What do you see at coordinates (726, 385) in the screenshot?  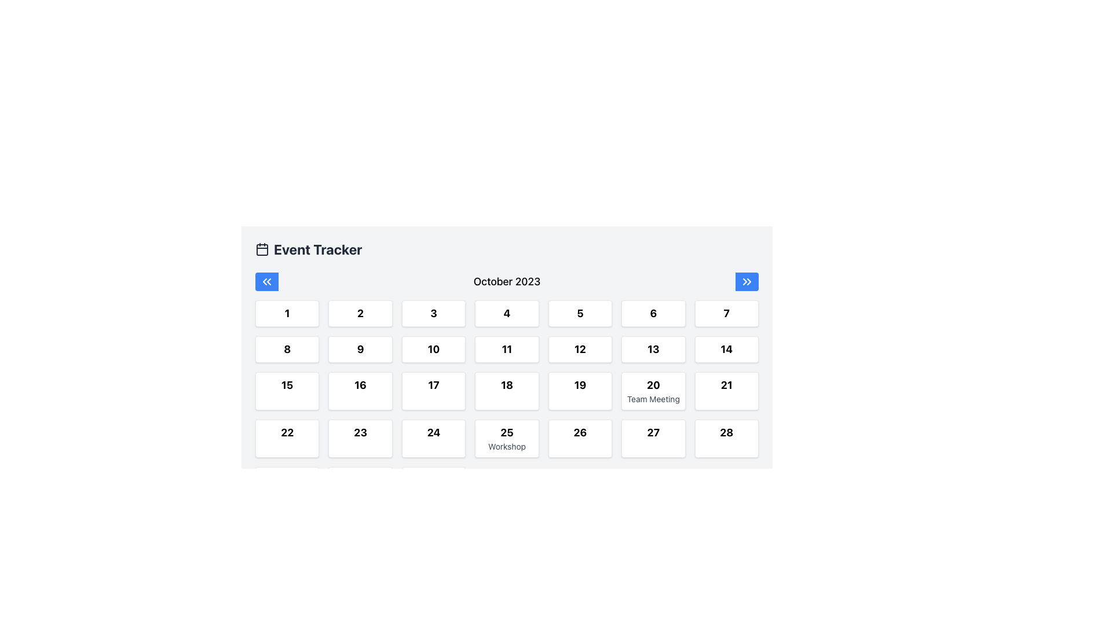 I see `the black numeral '21' displayed in a bold font, which is centered inside a white box with rounded corners, located in the sixth row and seventh column of the calendar grid for October 21, 2023` at bounding box center [726, 385].